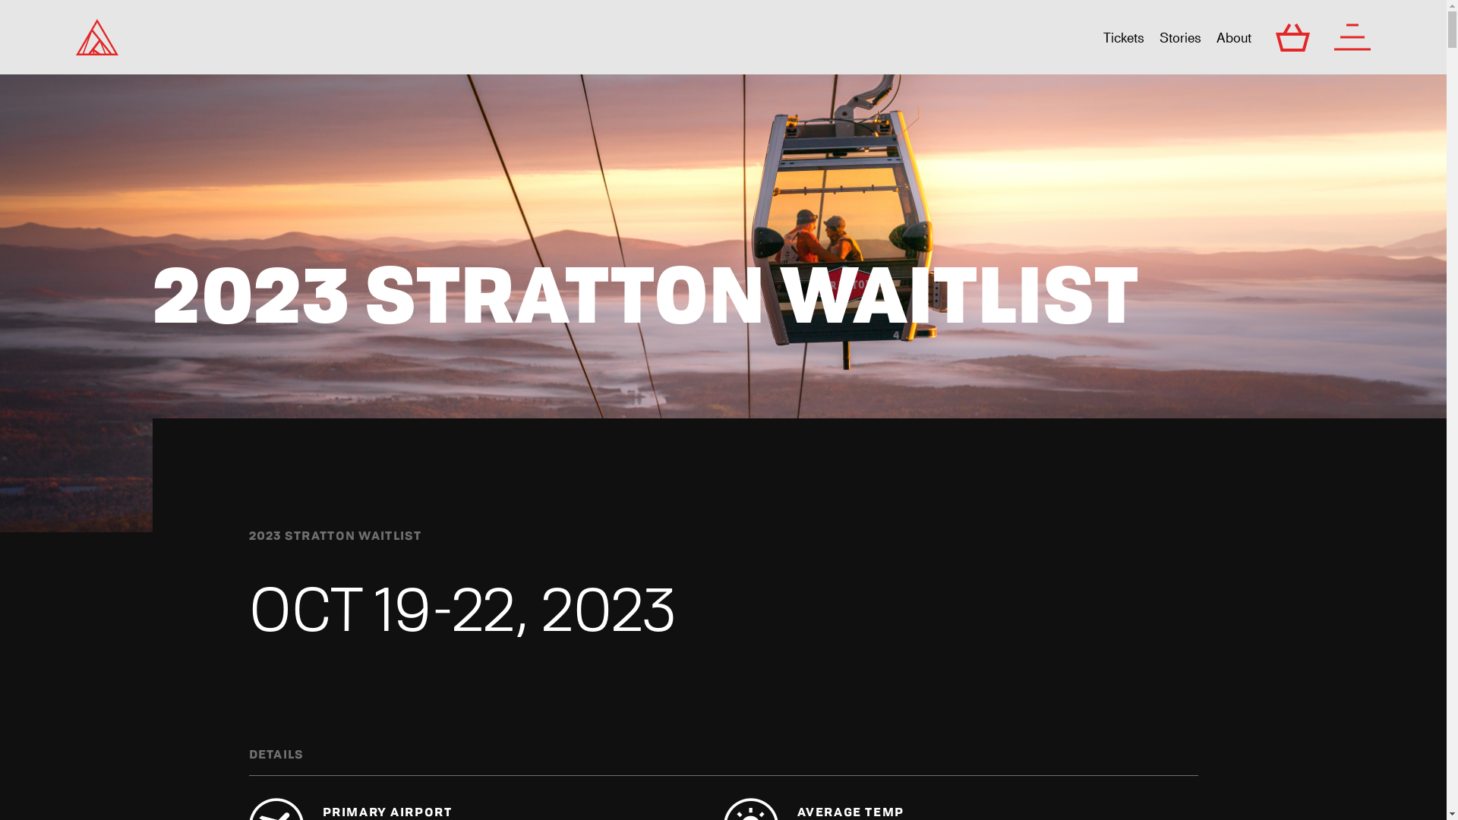  What do you see at coordinates (1234, 36) in the screenshot?
I see `'About'` at bounding box center [1234, 36].